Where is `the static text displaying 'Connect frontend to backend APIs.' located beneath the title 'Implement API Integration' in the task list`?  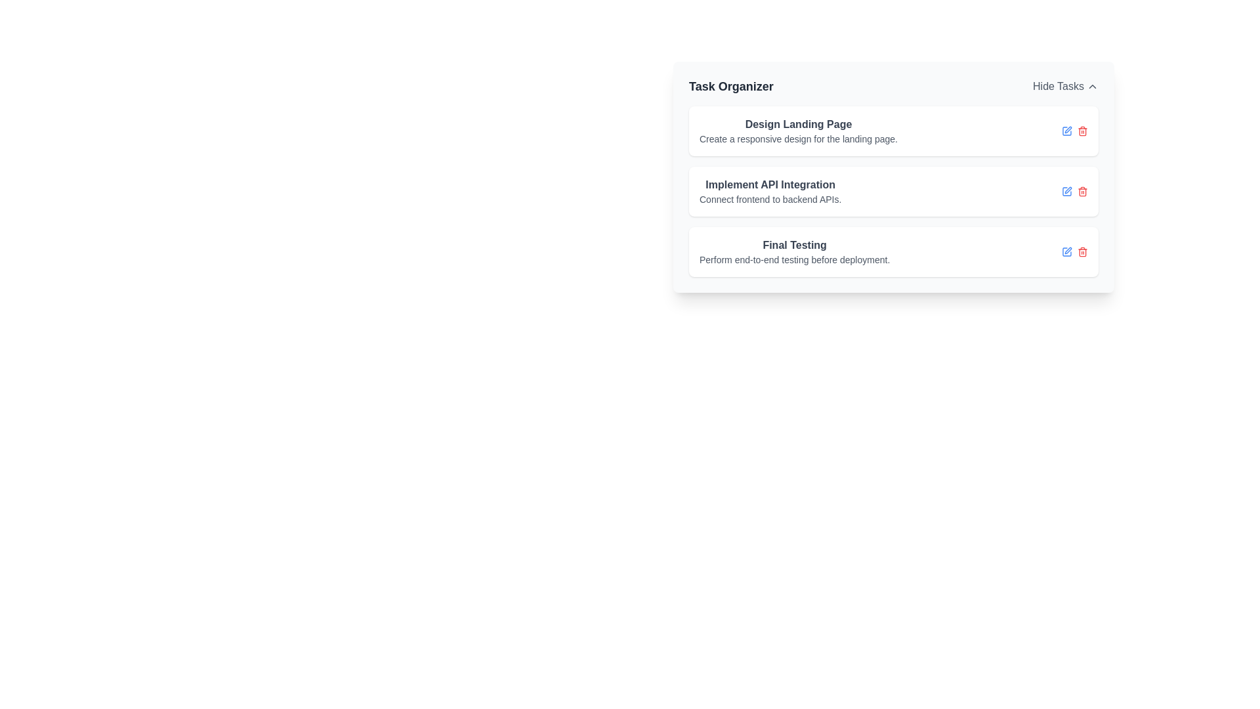 the static text displaying 'Connect frontend to backend APIs.' located beneath the title 'Implement API Integration' in the task list is located at coordinates (770, 200).